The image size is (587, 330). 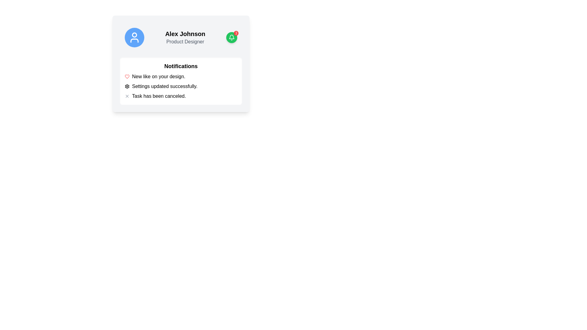 I want to click on user's name and job title displayed in the text label located to the right of the user's avatar icon, so click(x=185, y=38).